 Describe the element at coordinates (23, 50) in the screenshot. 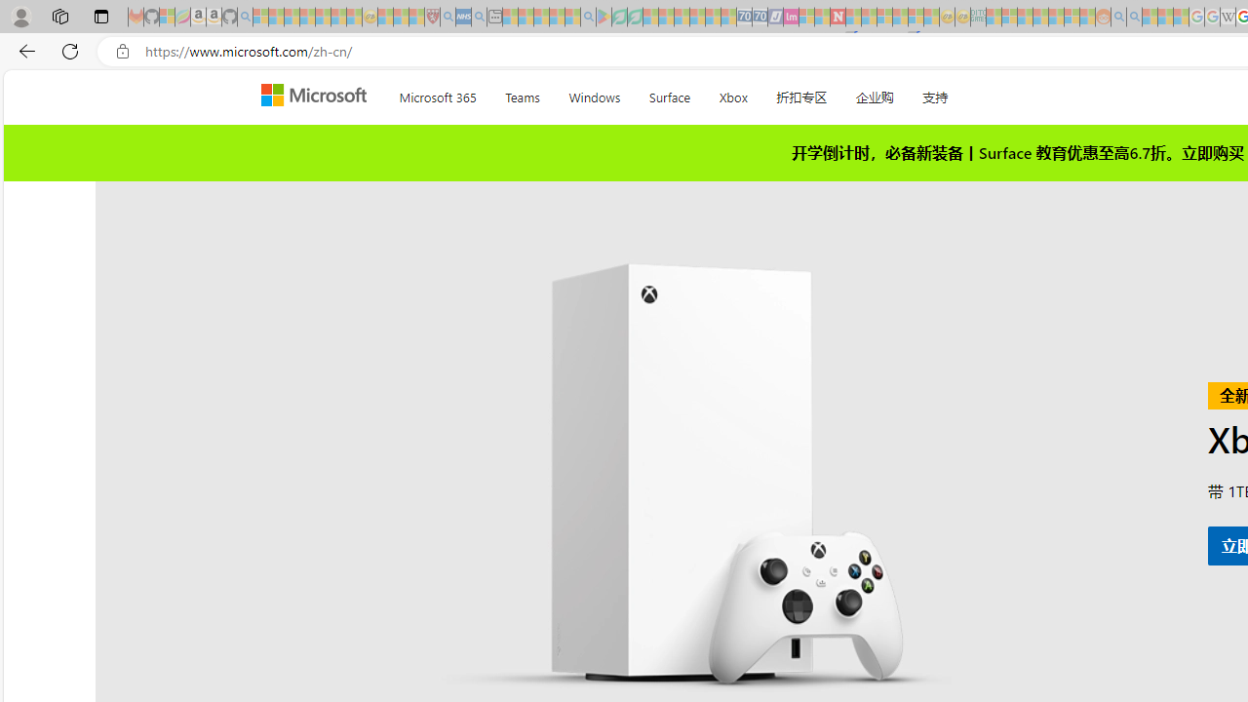

I see `'Back'` at that location.